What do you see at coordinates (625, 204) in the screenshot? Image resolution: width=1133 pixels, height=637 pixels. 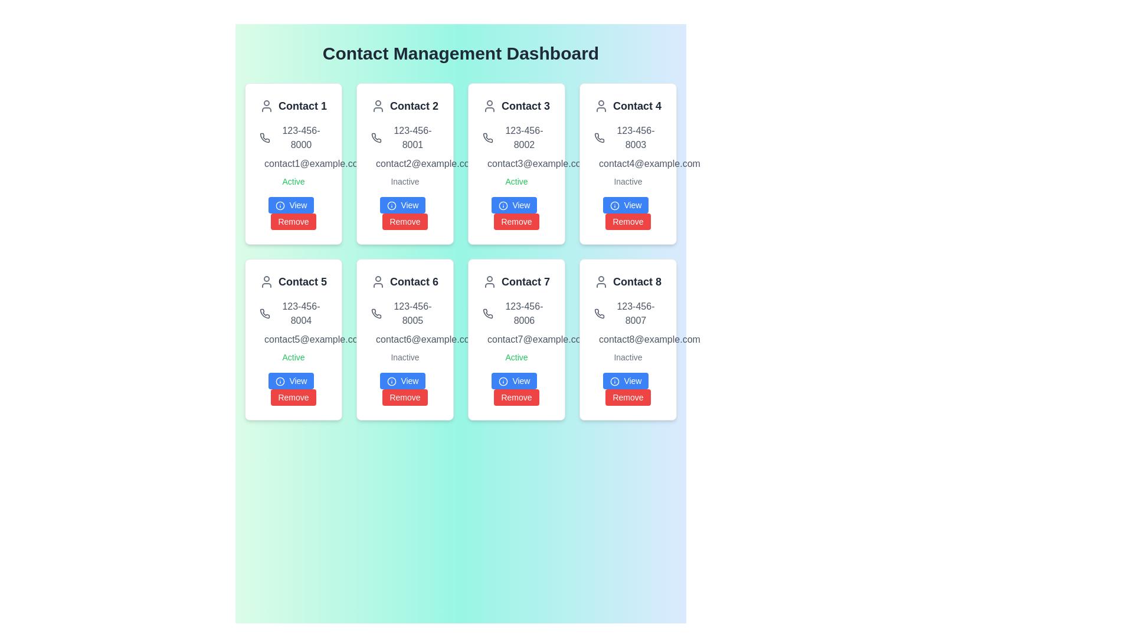 I see `the 'View' button located in the fourth card of the first row, aligned to the left beside the red 'Remove' button` at bounding box center [625, 204].